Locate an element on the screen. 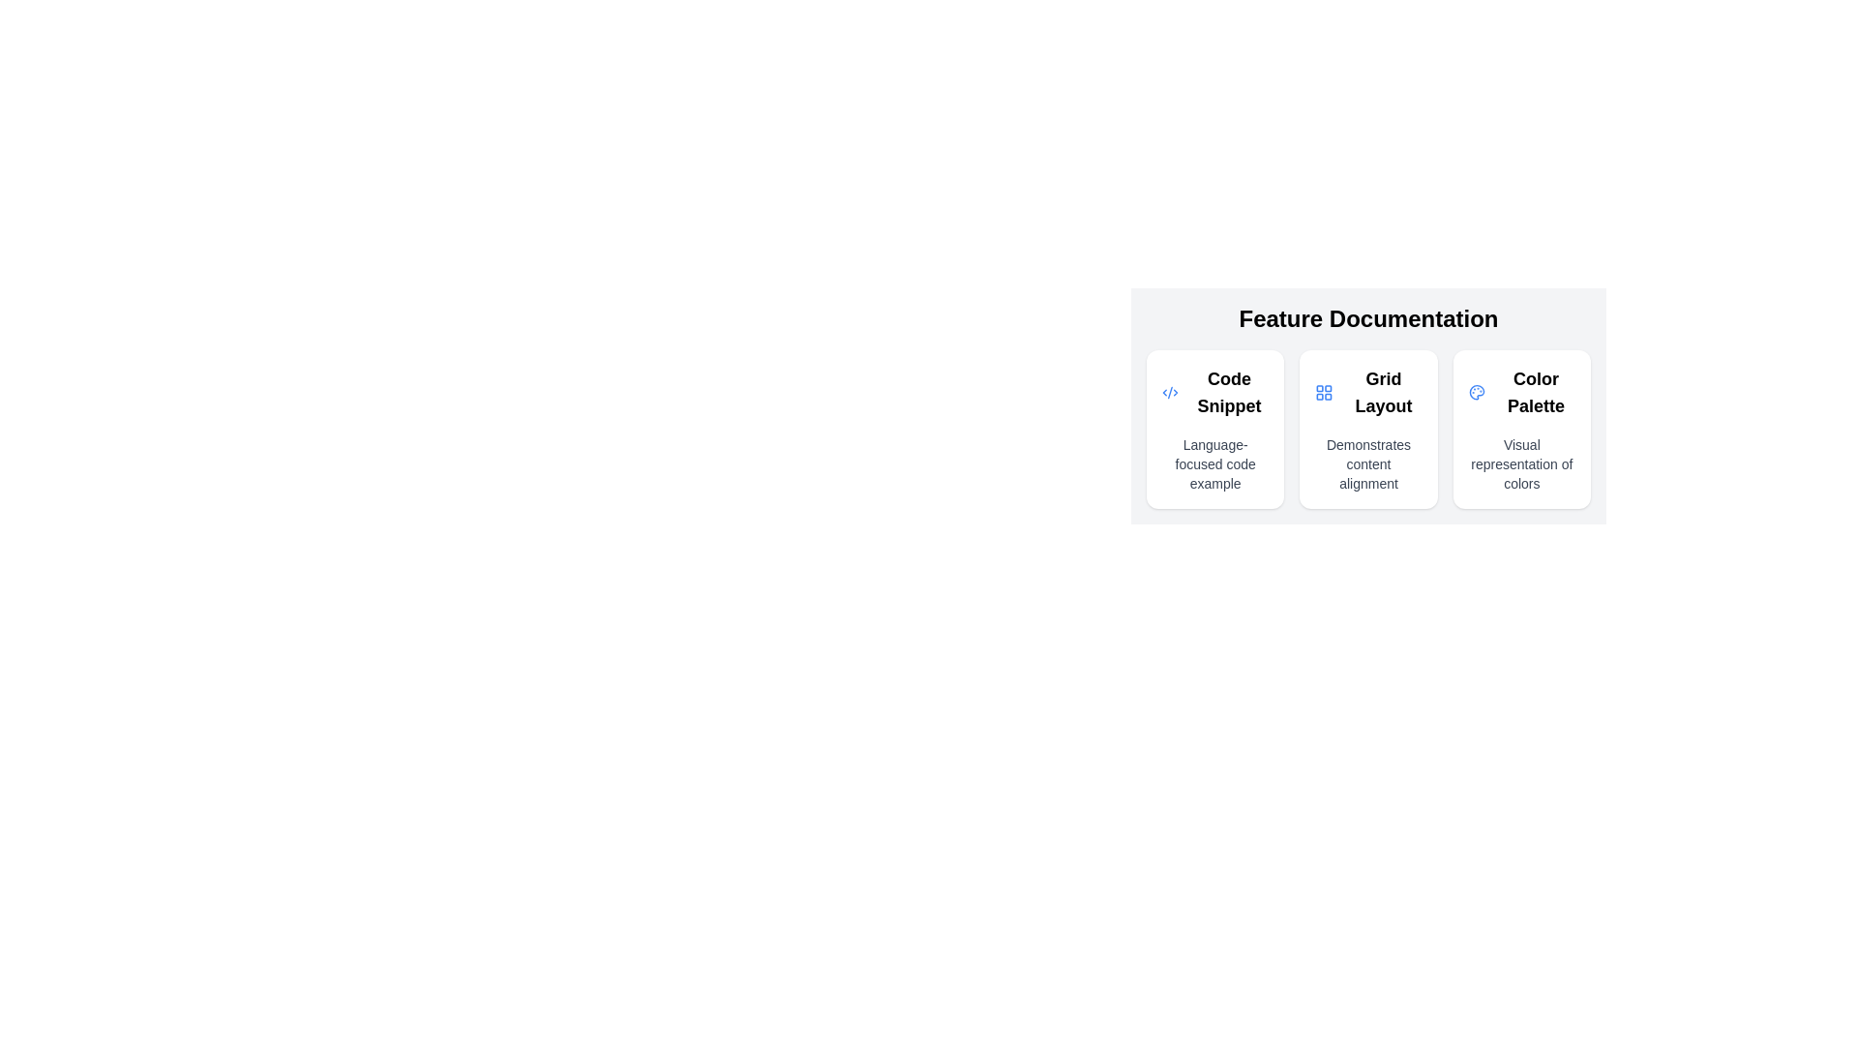 This screenshot has width=1858, height=1045. the 'Grid Layout' text element, which is displayed in a bold, larger font and is the second option under 'Feature Documentation' is located at coordinates (1367, 392).